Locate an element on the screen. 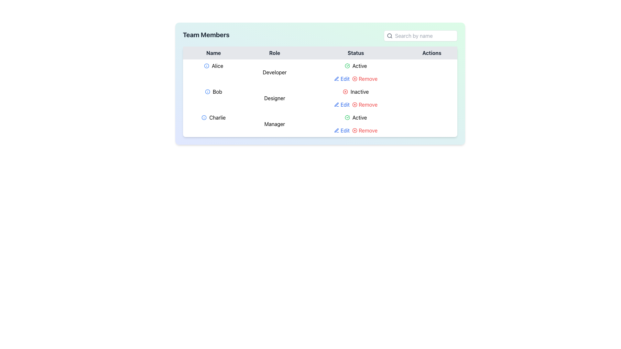  the active status icon for Alice in the 'Status' column of the data table is located at coordinates (347, 66).